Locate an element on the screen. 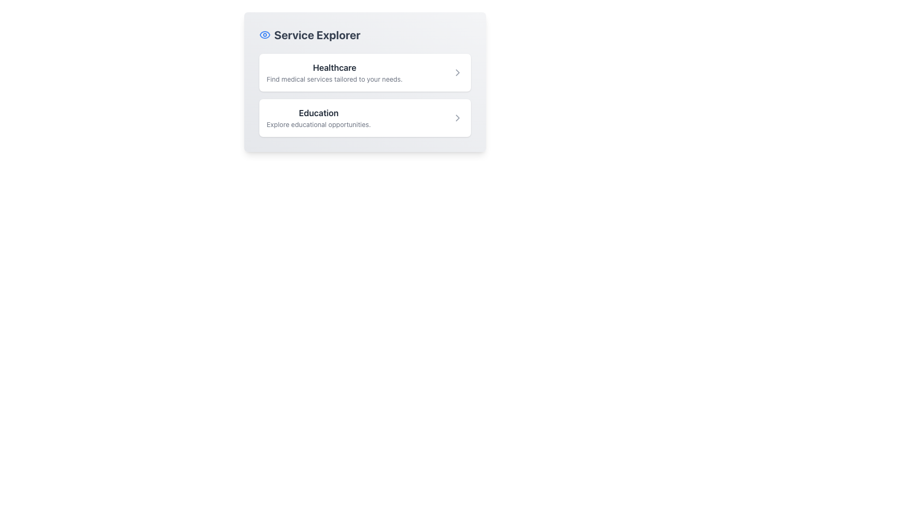 The height and width of the screenshot is (510, 907). the icon located at the left of the 'Service Explorer' header is located at coordinates (265, 34).